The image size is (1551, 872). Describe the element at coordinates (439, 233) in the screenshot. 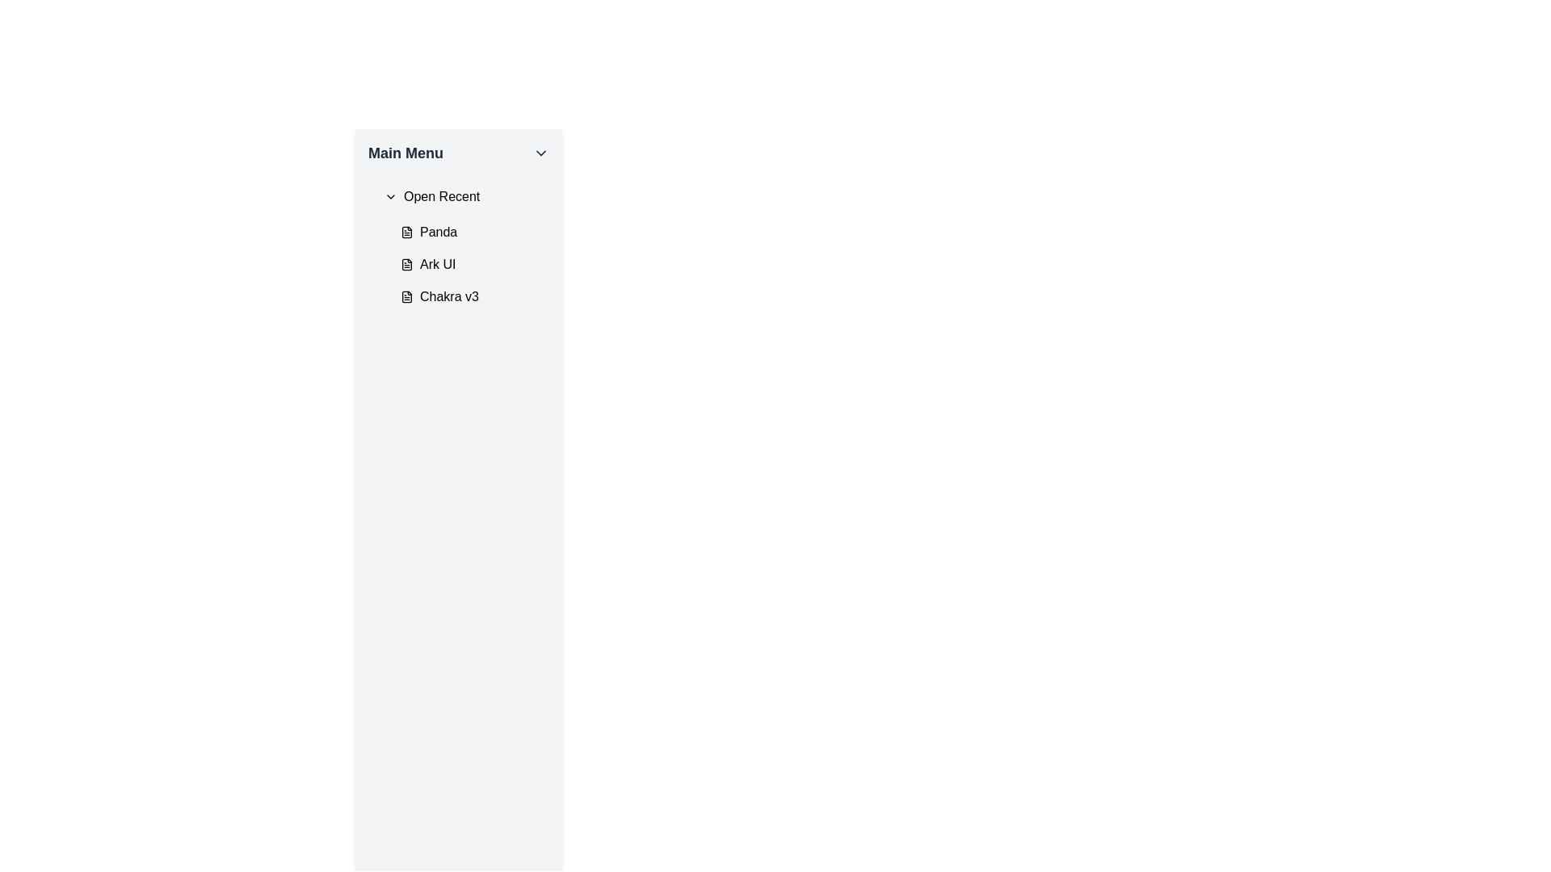

I see `the text label displaying 'Panda'` at that location.